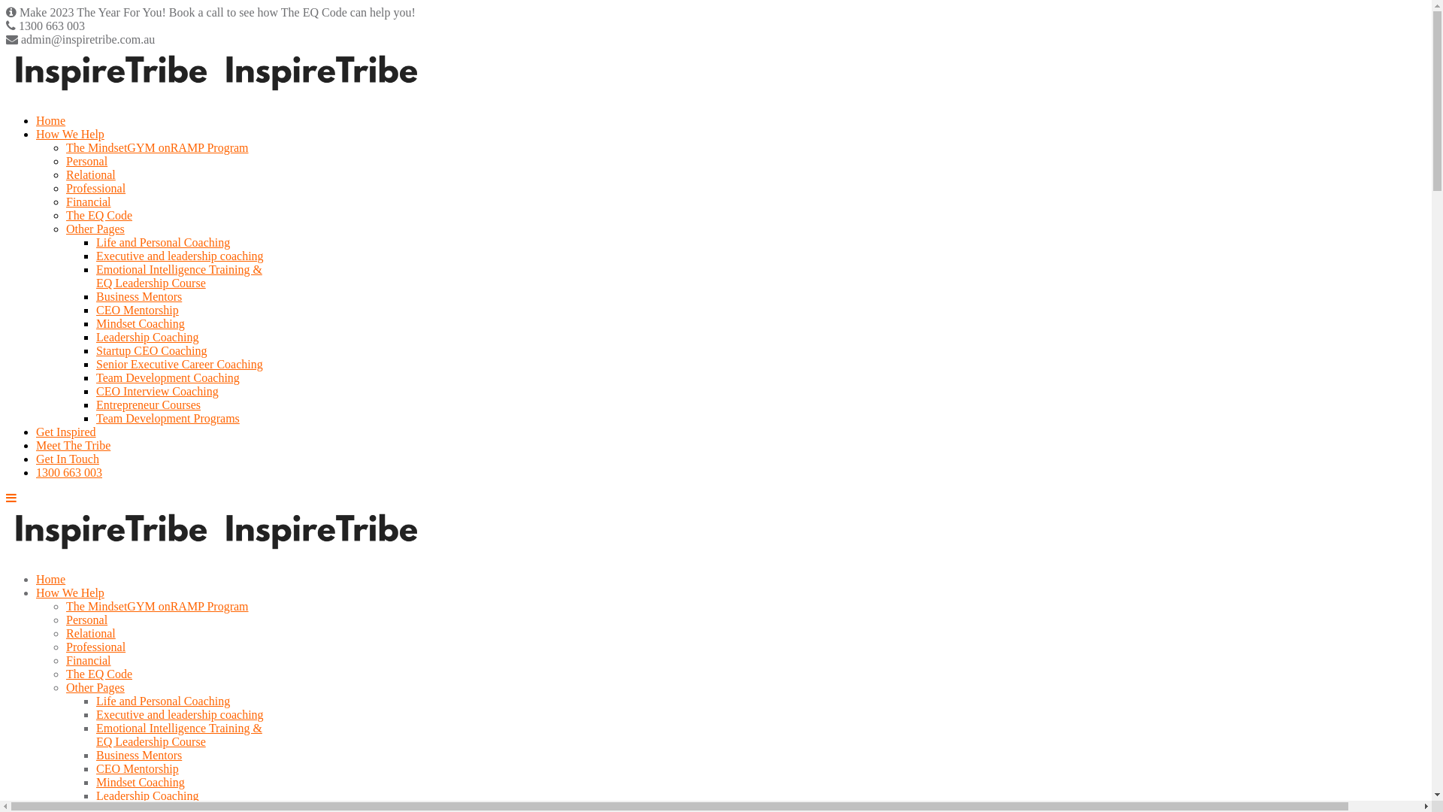 Image resolution: width=1443 pixels, height=812 pixels. I want to click on 'Senior Executive Career Coaching', so click(180, 364).